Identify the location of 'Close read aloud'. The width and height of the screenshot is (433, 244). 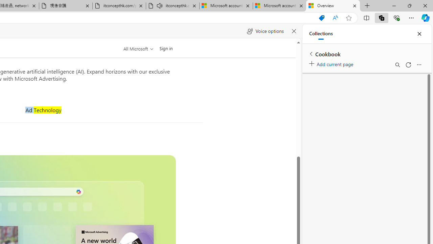
(294, 31).